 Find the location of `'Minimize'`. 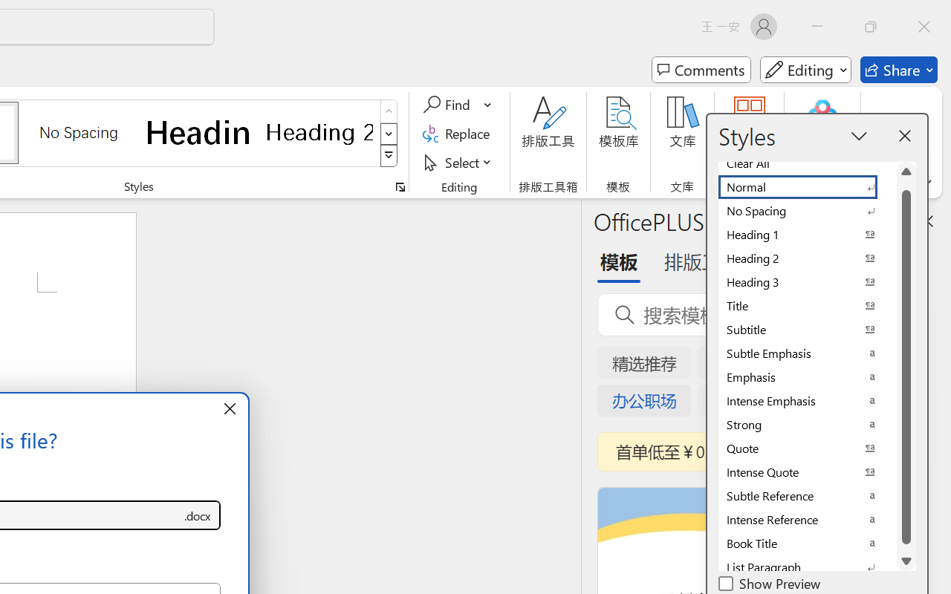

'Minimize' is located at coordinates (817, 26).